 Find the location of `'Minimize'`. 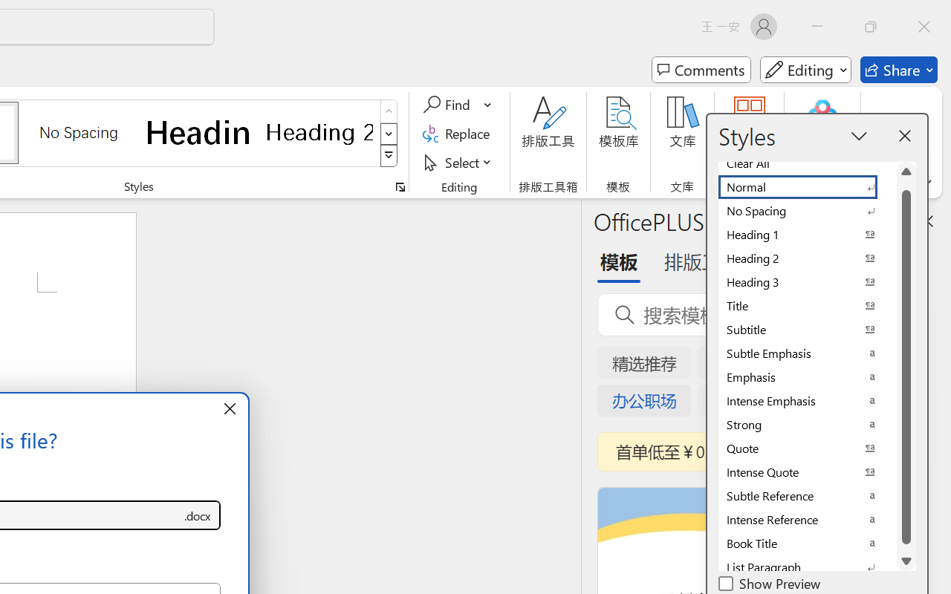

'Minimize' is located at coordinates (817, 26).